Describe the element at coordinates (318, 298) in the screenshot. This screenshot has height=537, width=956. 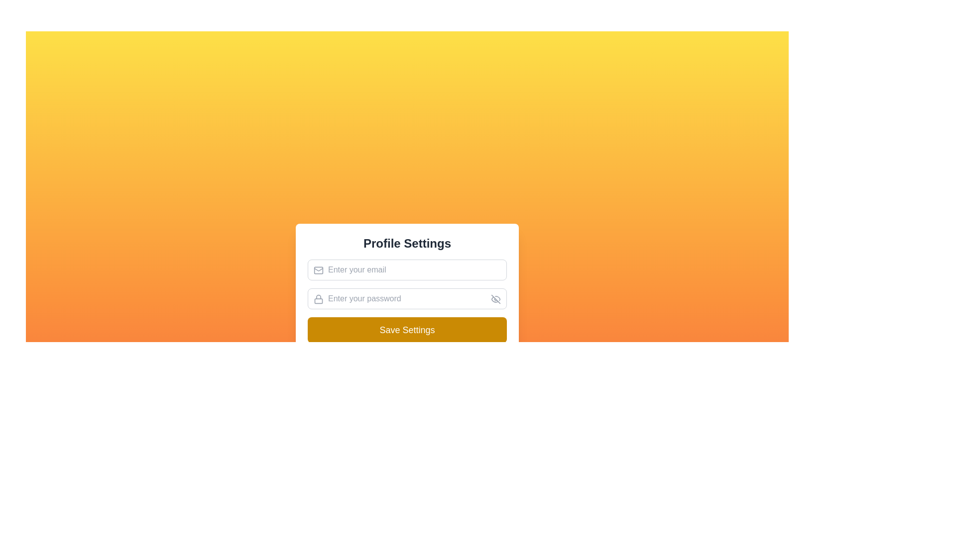
I see `the lock icon located in the top-left corner of the password input field, which serves as a visual indicator for secure input` at that location.